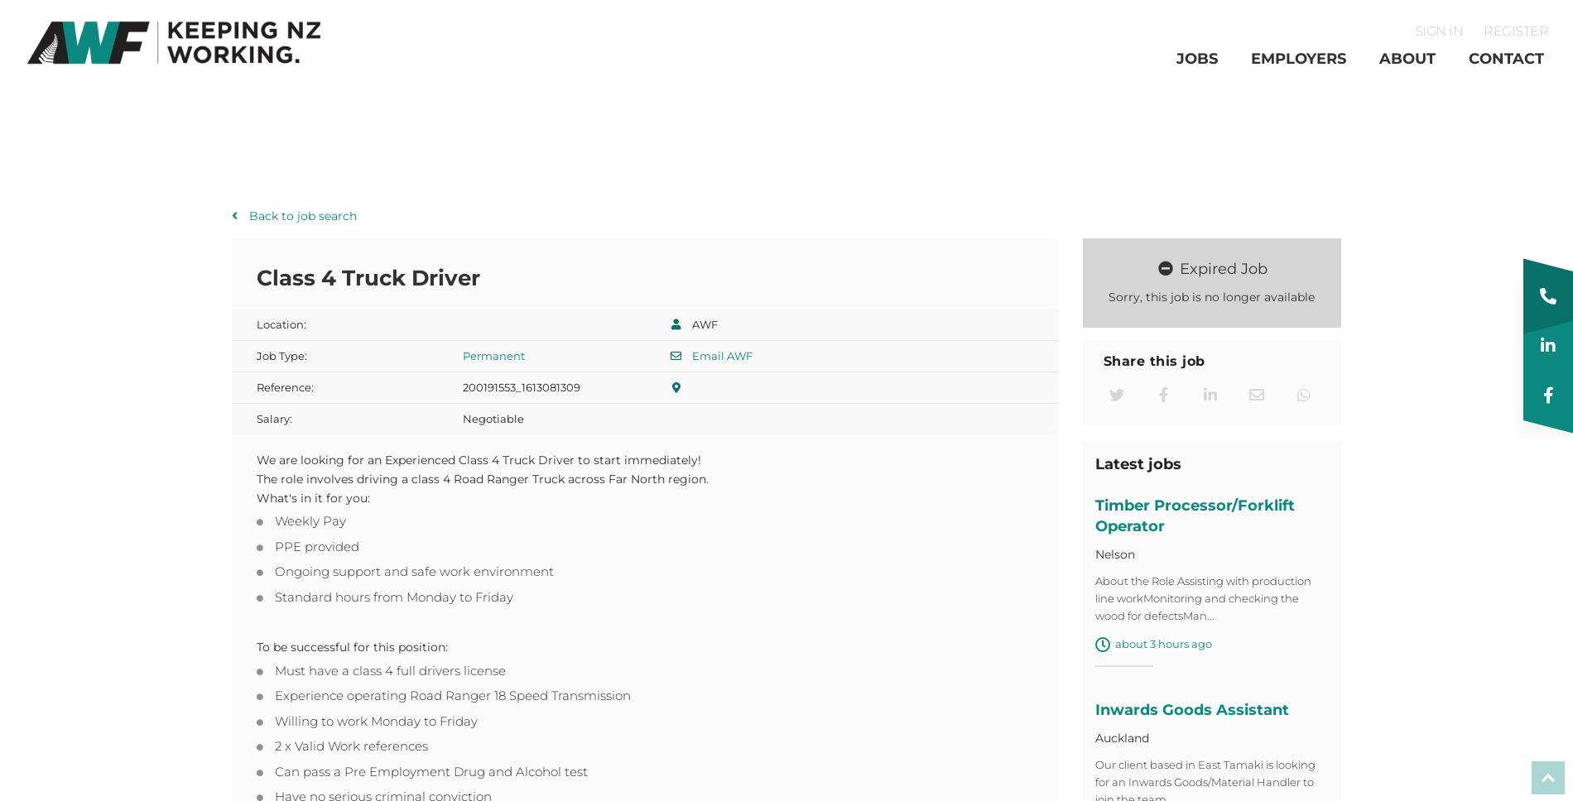  Describe the element at coordinates (310, 525) in the screenshot. I see `'Weekly Pay'` at that location.